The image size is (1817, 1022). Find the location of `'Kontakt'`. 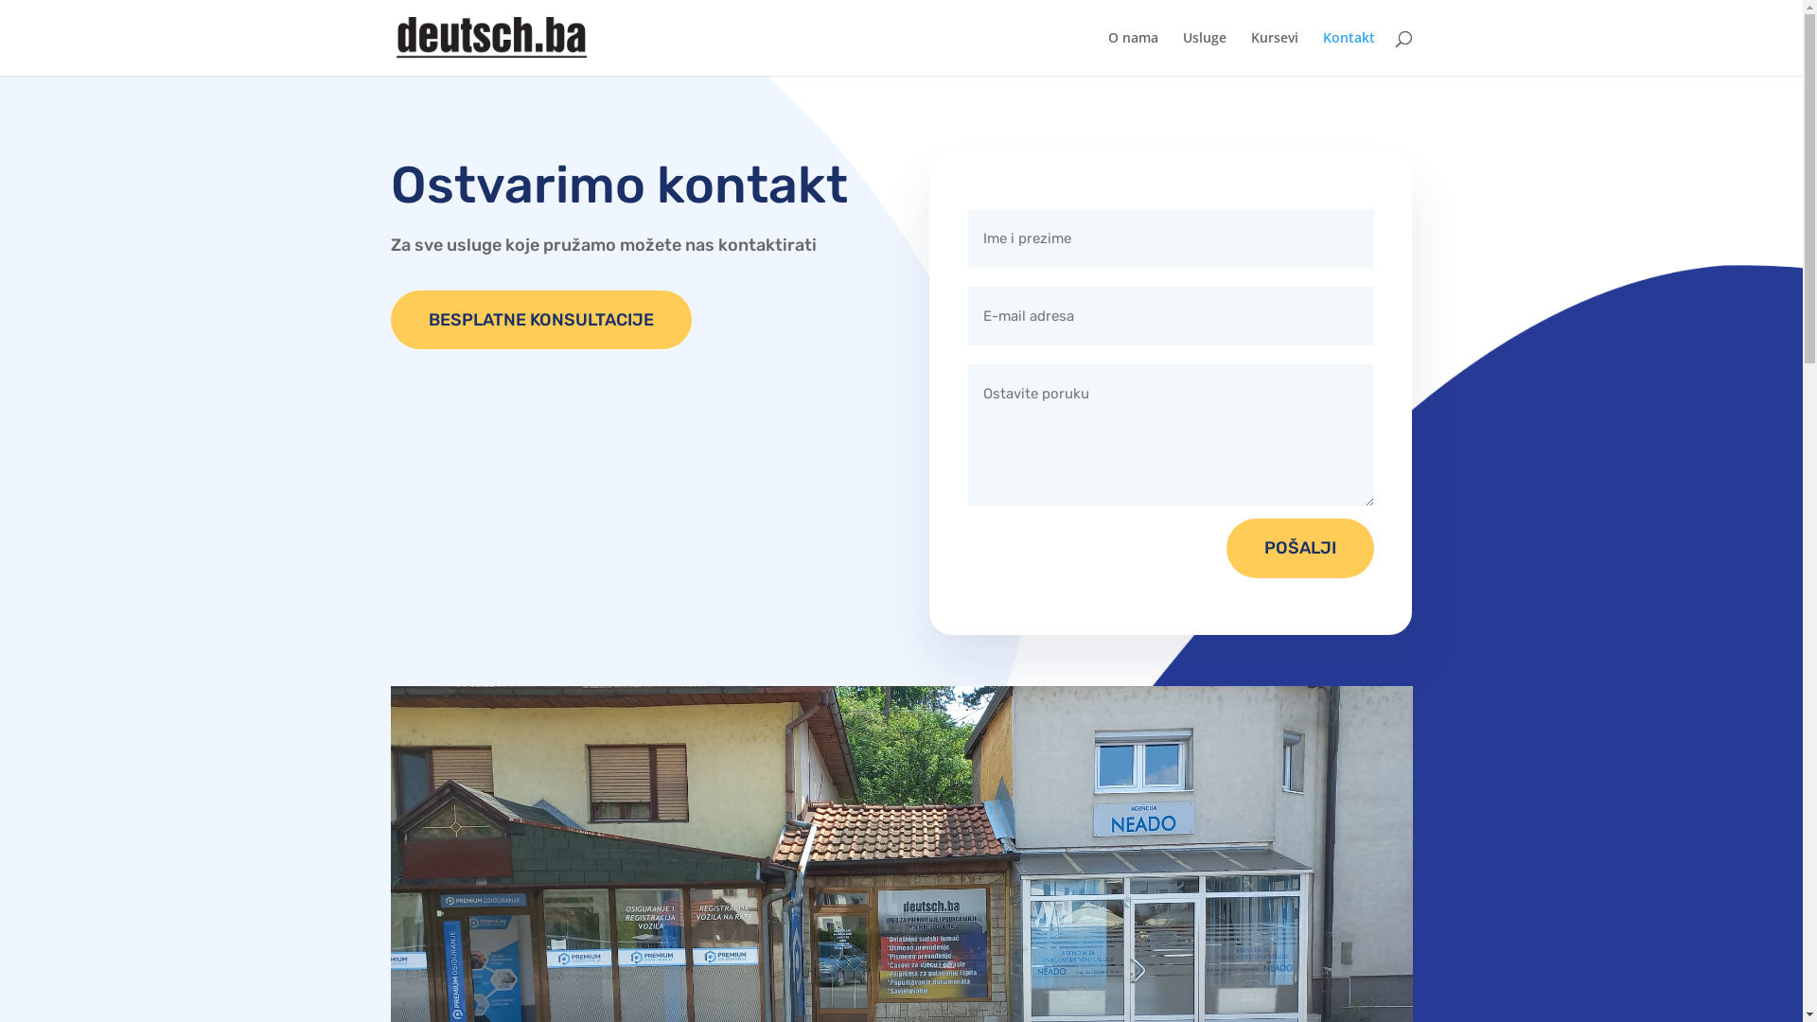

'Kontakt' is located at coordinates (1348, 52).